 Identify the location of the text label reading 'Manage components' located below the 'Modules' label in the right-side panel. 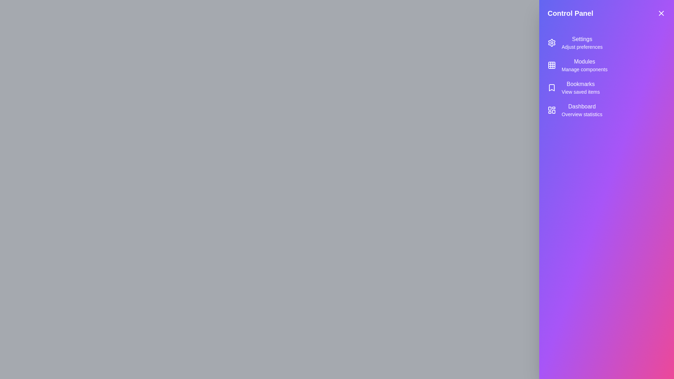
(584, 69).